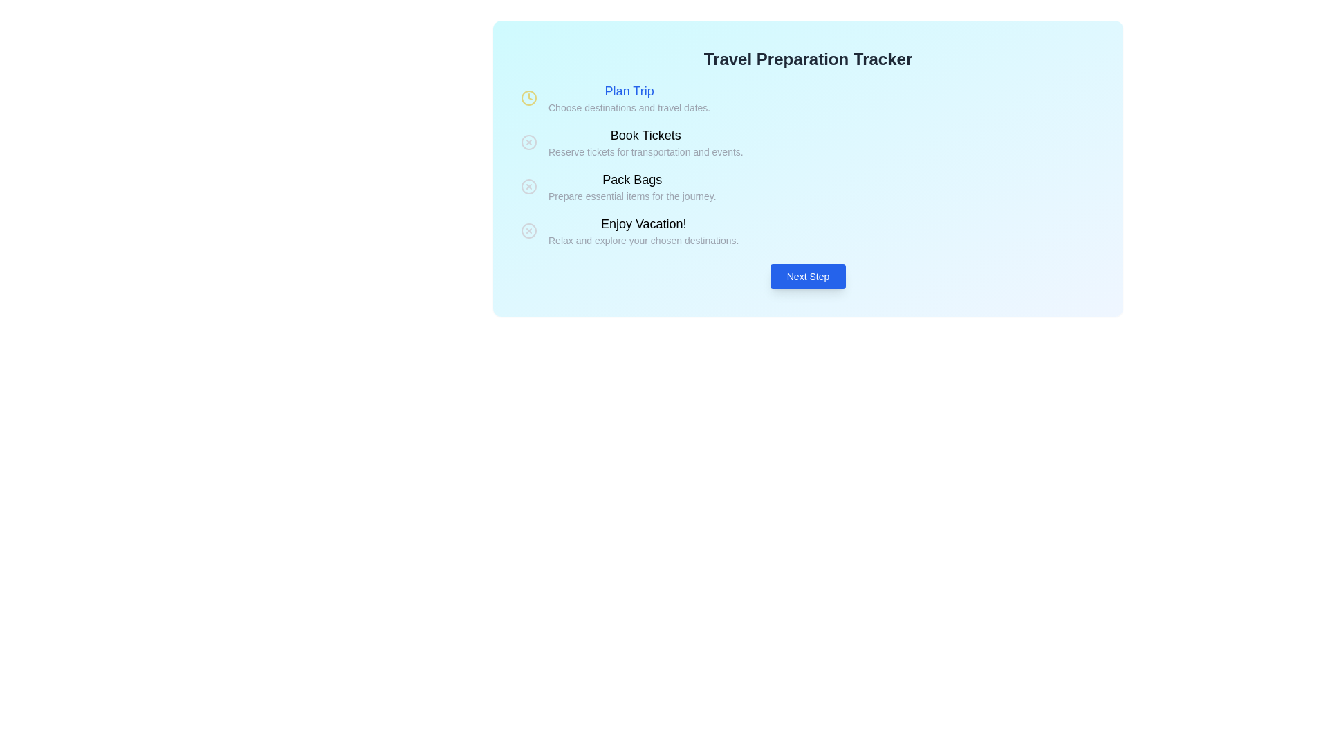 The image size is (1328, 747). I want to click on text label that instructs users to 'Choose destinations and travel dates.' located beneath the 'Plan Trip' heading, so click(629, 107).